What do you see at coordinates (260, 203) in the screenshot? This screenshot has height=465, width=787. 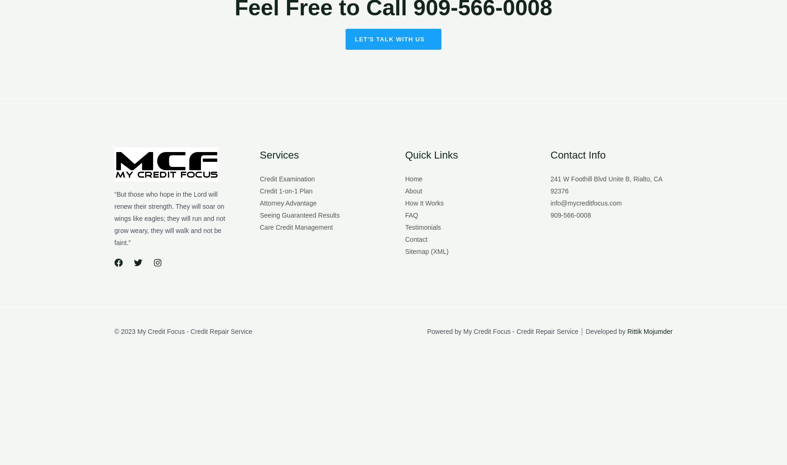 I see `'Attorney Advantage'` at bounding box center [260, 203].